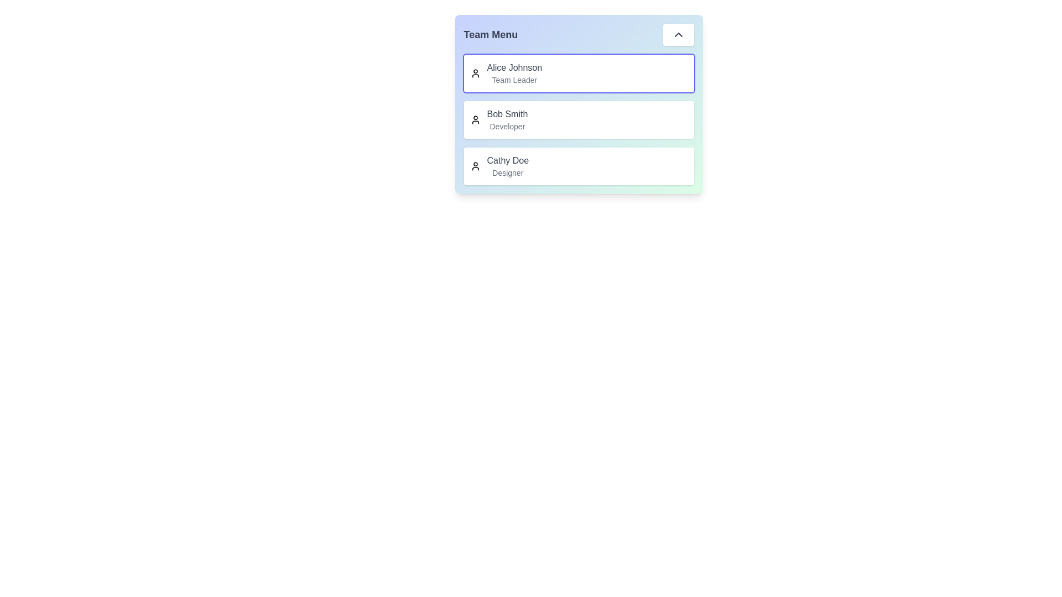 The height and width of the screenshot is (597, 1062). I want to click on the team member Bob Smith by clicking on their entry in the menu, so click(578, 119).